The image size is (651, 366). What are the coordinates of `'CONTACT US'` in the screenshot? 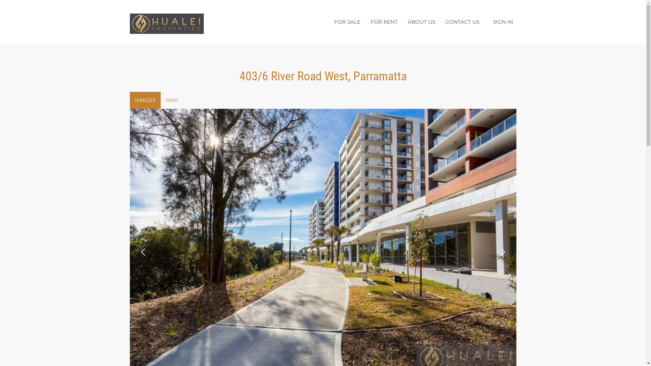 It's located at (440, 21).